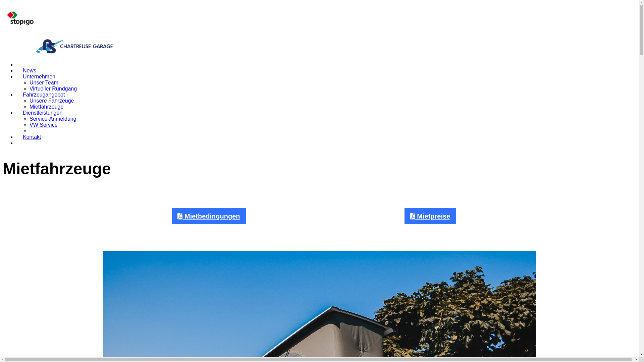  What do you see at coordinates (16, 95) in the screenshot?
I see `'Fahrzeugangebot'` at bounding box center [16, 95].